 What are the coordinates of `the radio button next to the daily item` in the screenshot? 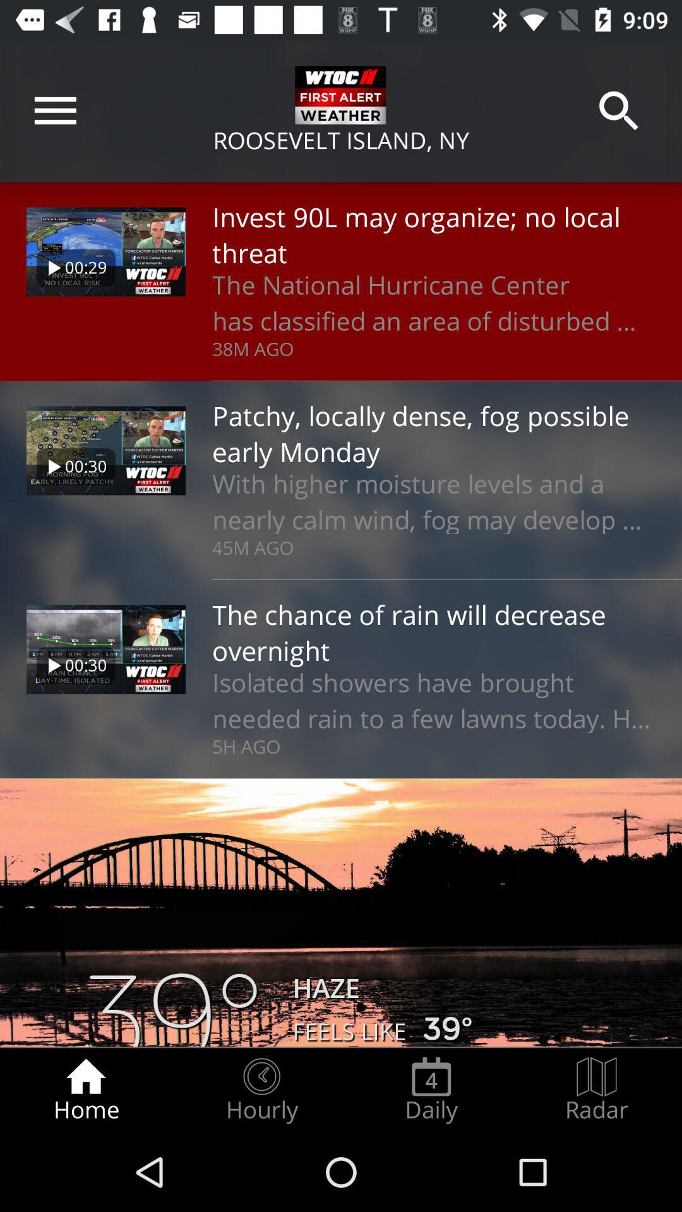 It's located at (261, 1090).